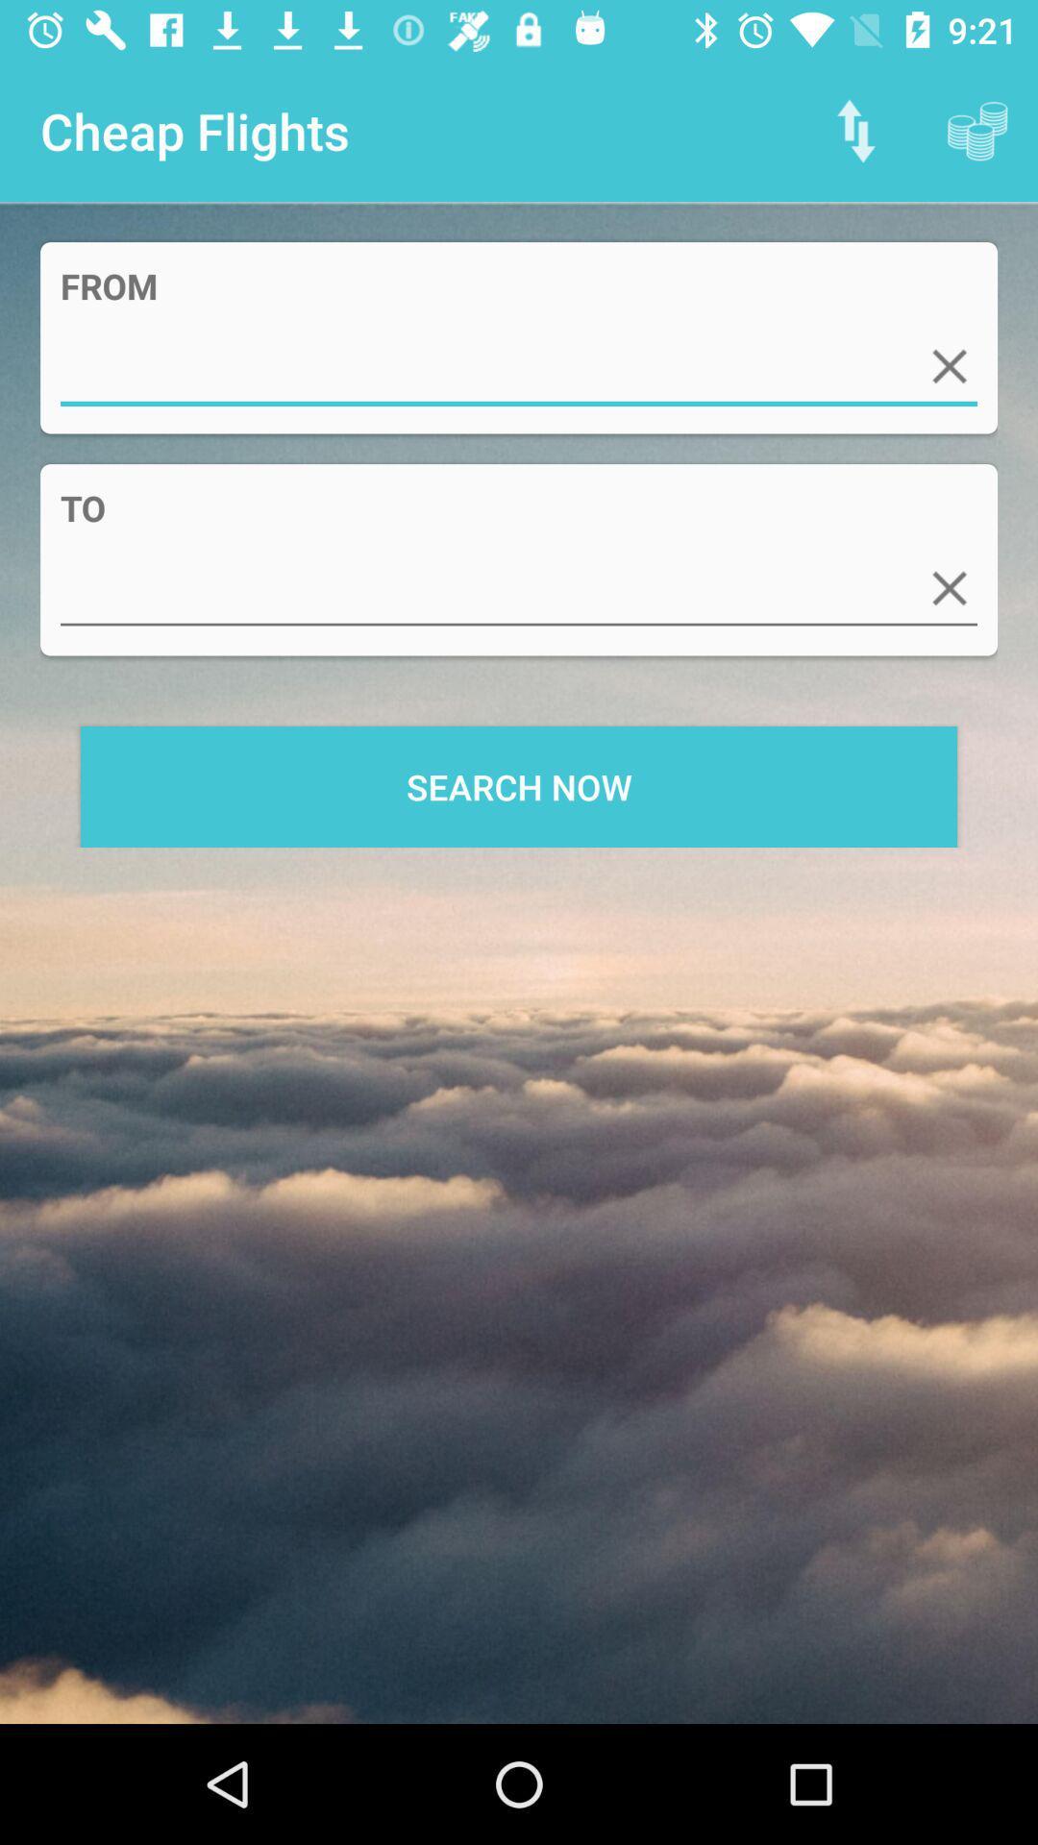  I want to click on button, so click(949, 587).